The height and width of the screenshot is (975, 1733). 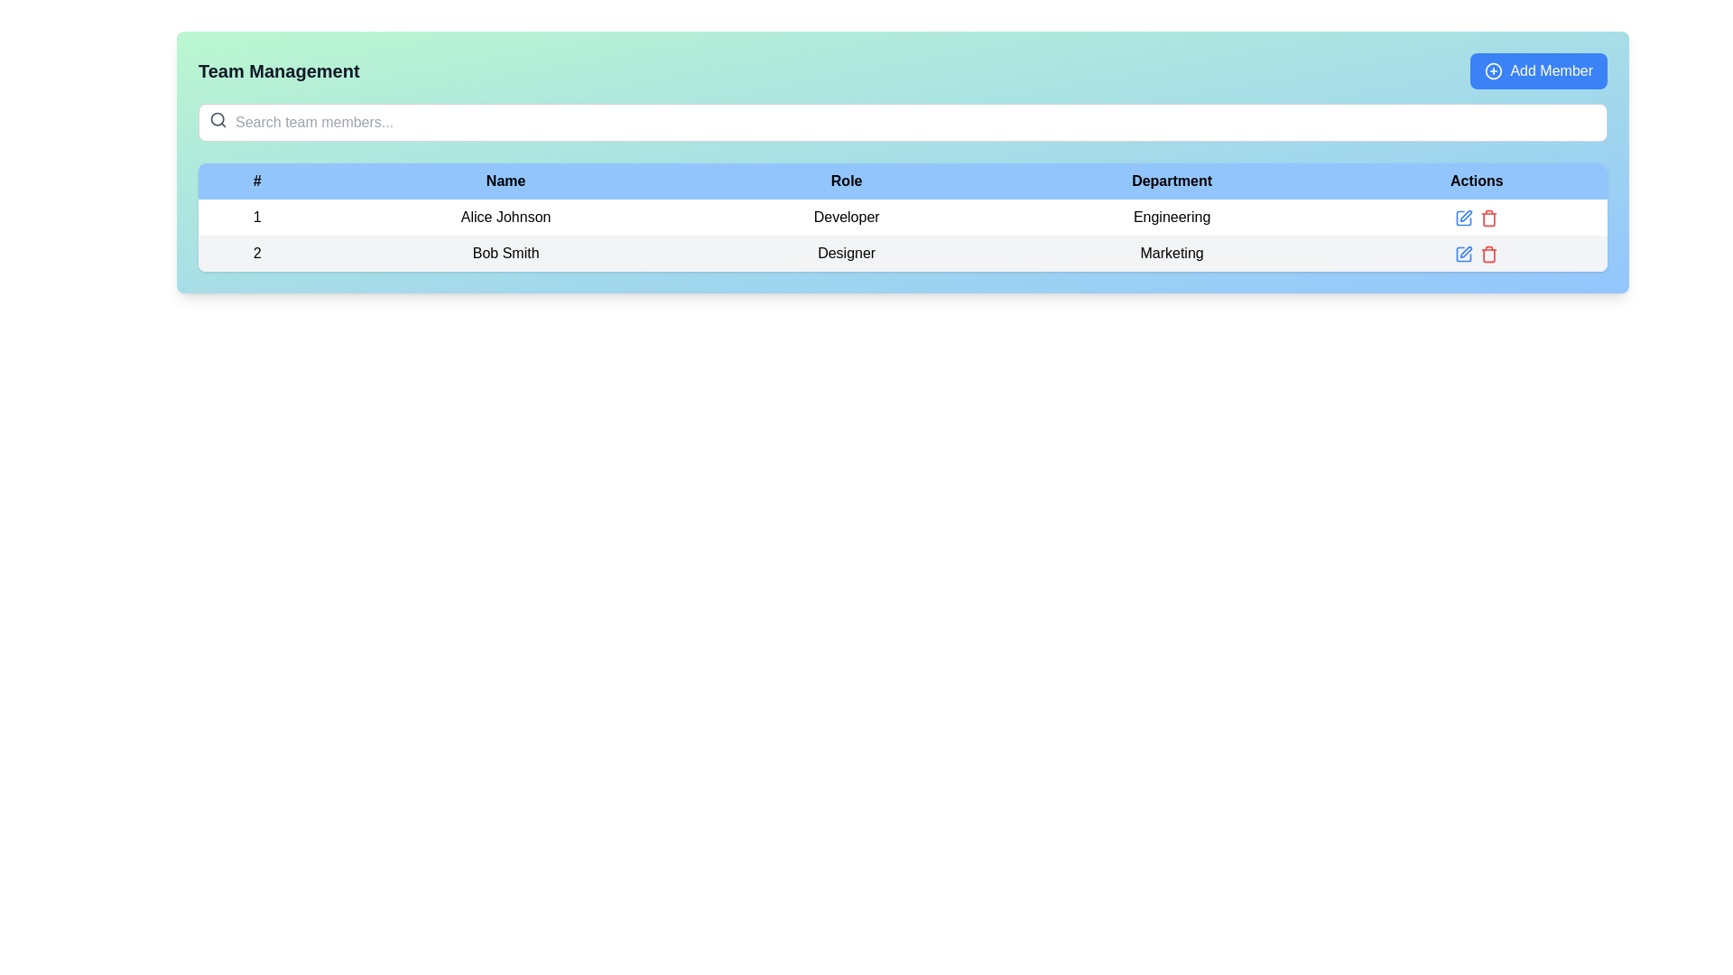 What do you see at coordinates (903, 254) in the screenshot?
I see `the second row in the table that shows information about team member 'Bob Smith', highlighting the row for further interaction` at bounding box center [903, 254].